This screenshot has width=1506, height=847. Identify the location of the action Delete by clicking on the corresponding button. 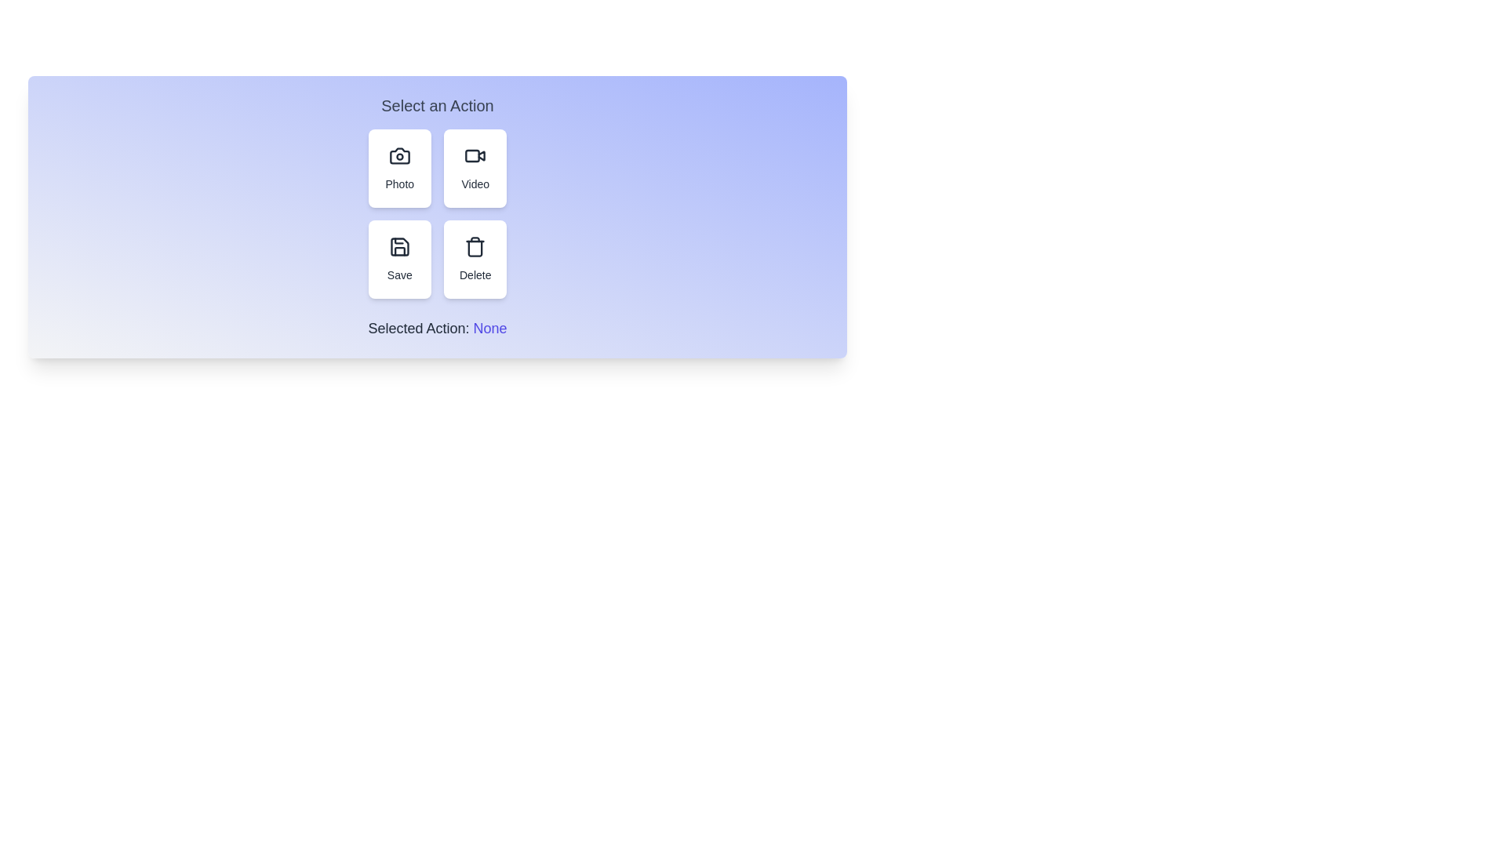
(475, 259).